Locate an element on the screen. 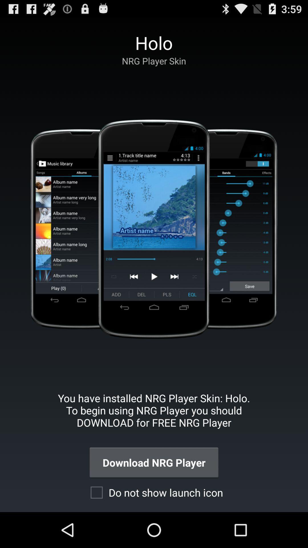  the icon below the download nrg player is located at coordinates (153, 492).